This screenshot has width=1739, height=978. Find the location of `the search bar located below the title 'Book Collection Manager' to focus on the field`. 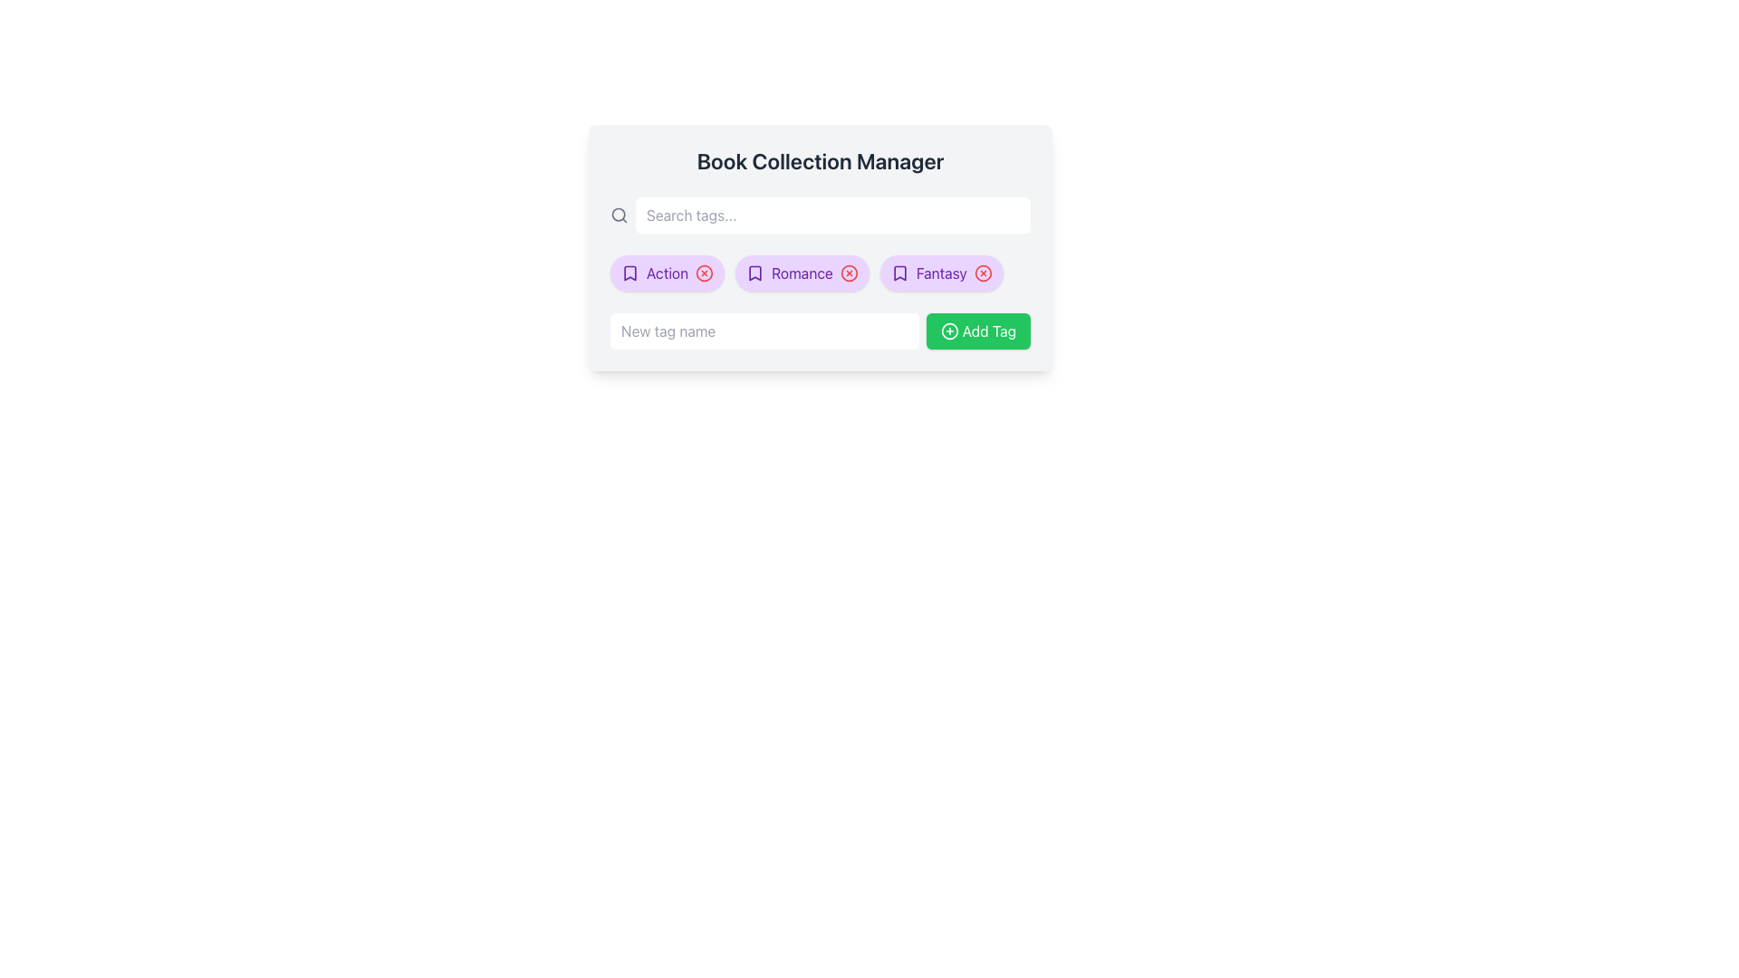

the search bar located below the title 'Book Collection Manager' to focus on the field is located at coordinates (820, 215).